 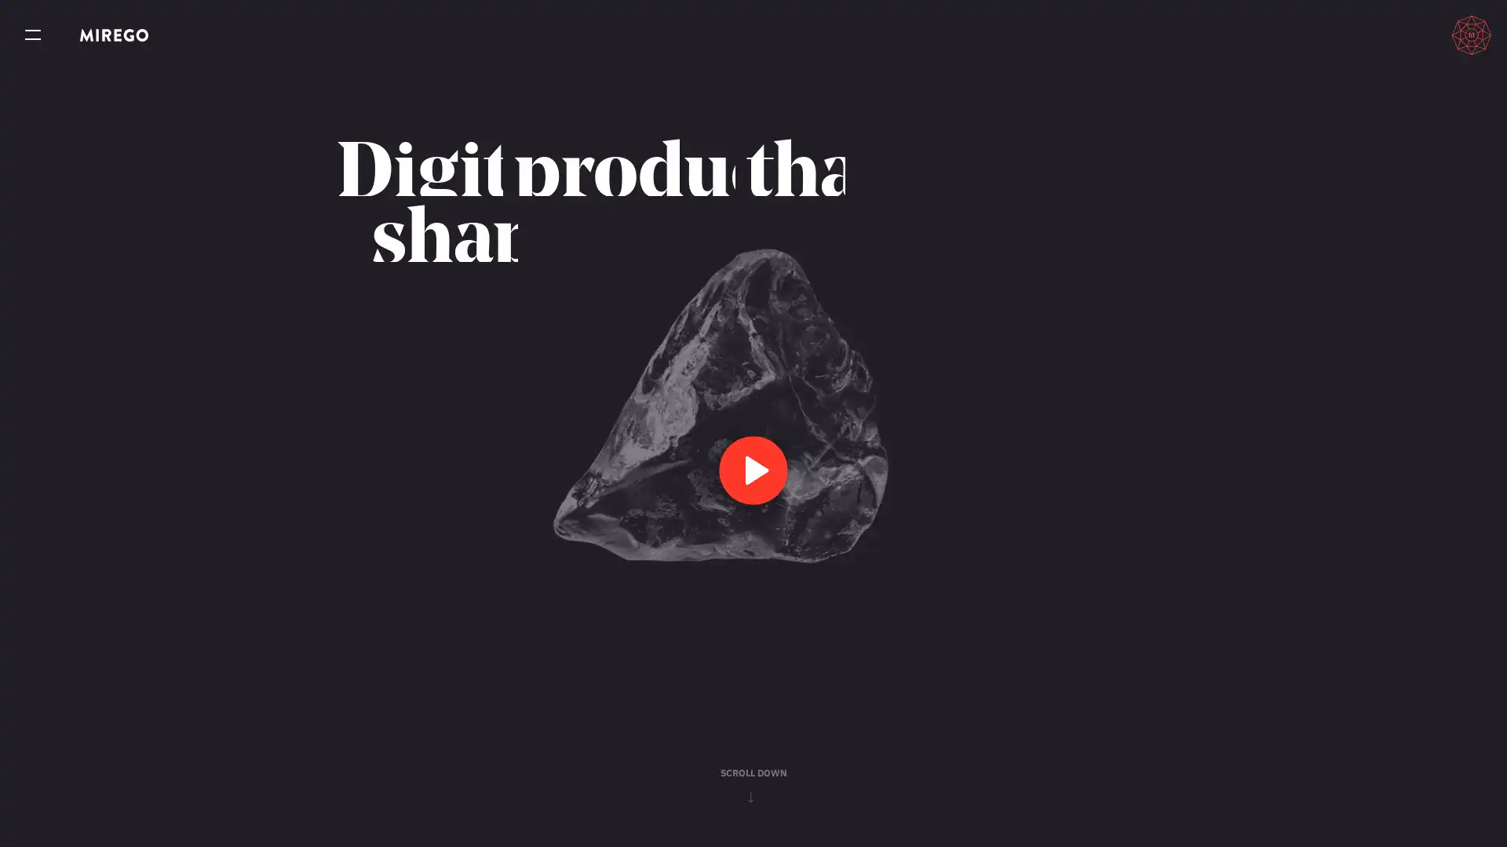 I want to click on Passer a la version francaise, so click(x=1398, y=35).